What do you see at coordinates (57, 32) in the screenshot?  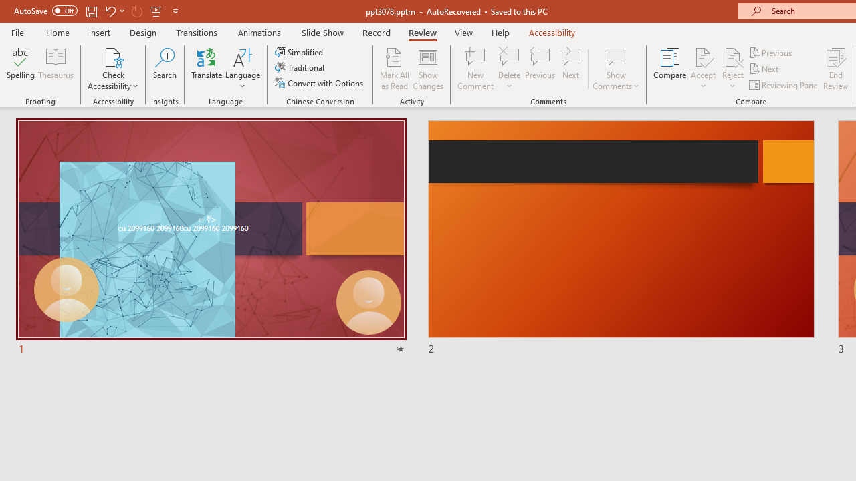 I see `'Home'` at bounding box center [57, 32].